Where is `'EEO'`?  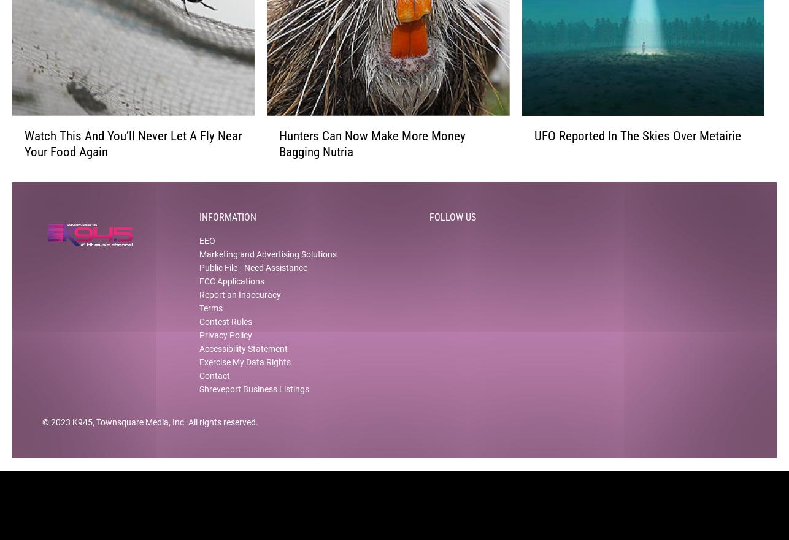 'EEO' is located at coordinates (206, 251).